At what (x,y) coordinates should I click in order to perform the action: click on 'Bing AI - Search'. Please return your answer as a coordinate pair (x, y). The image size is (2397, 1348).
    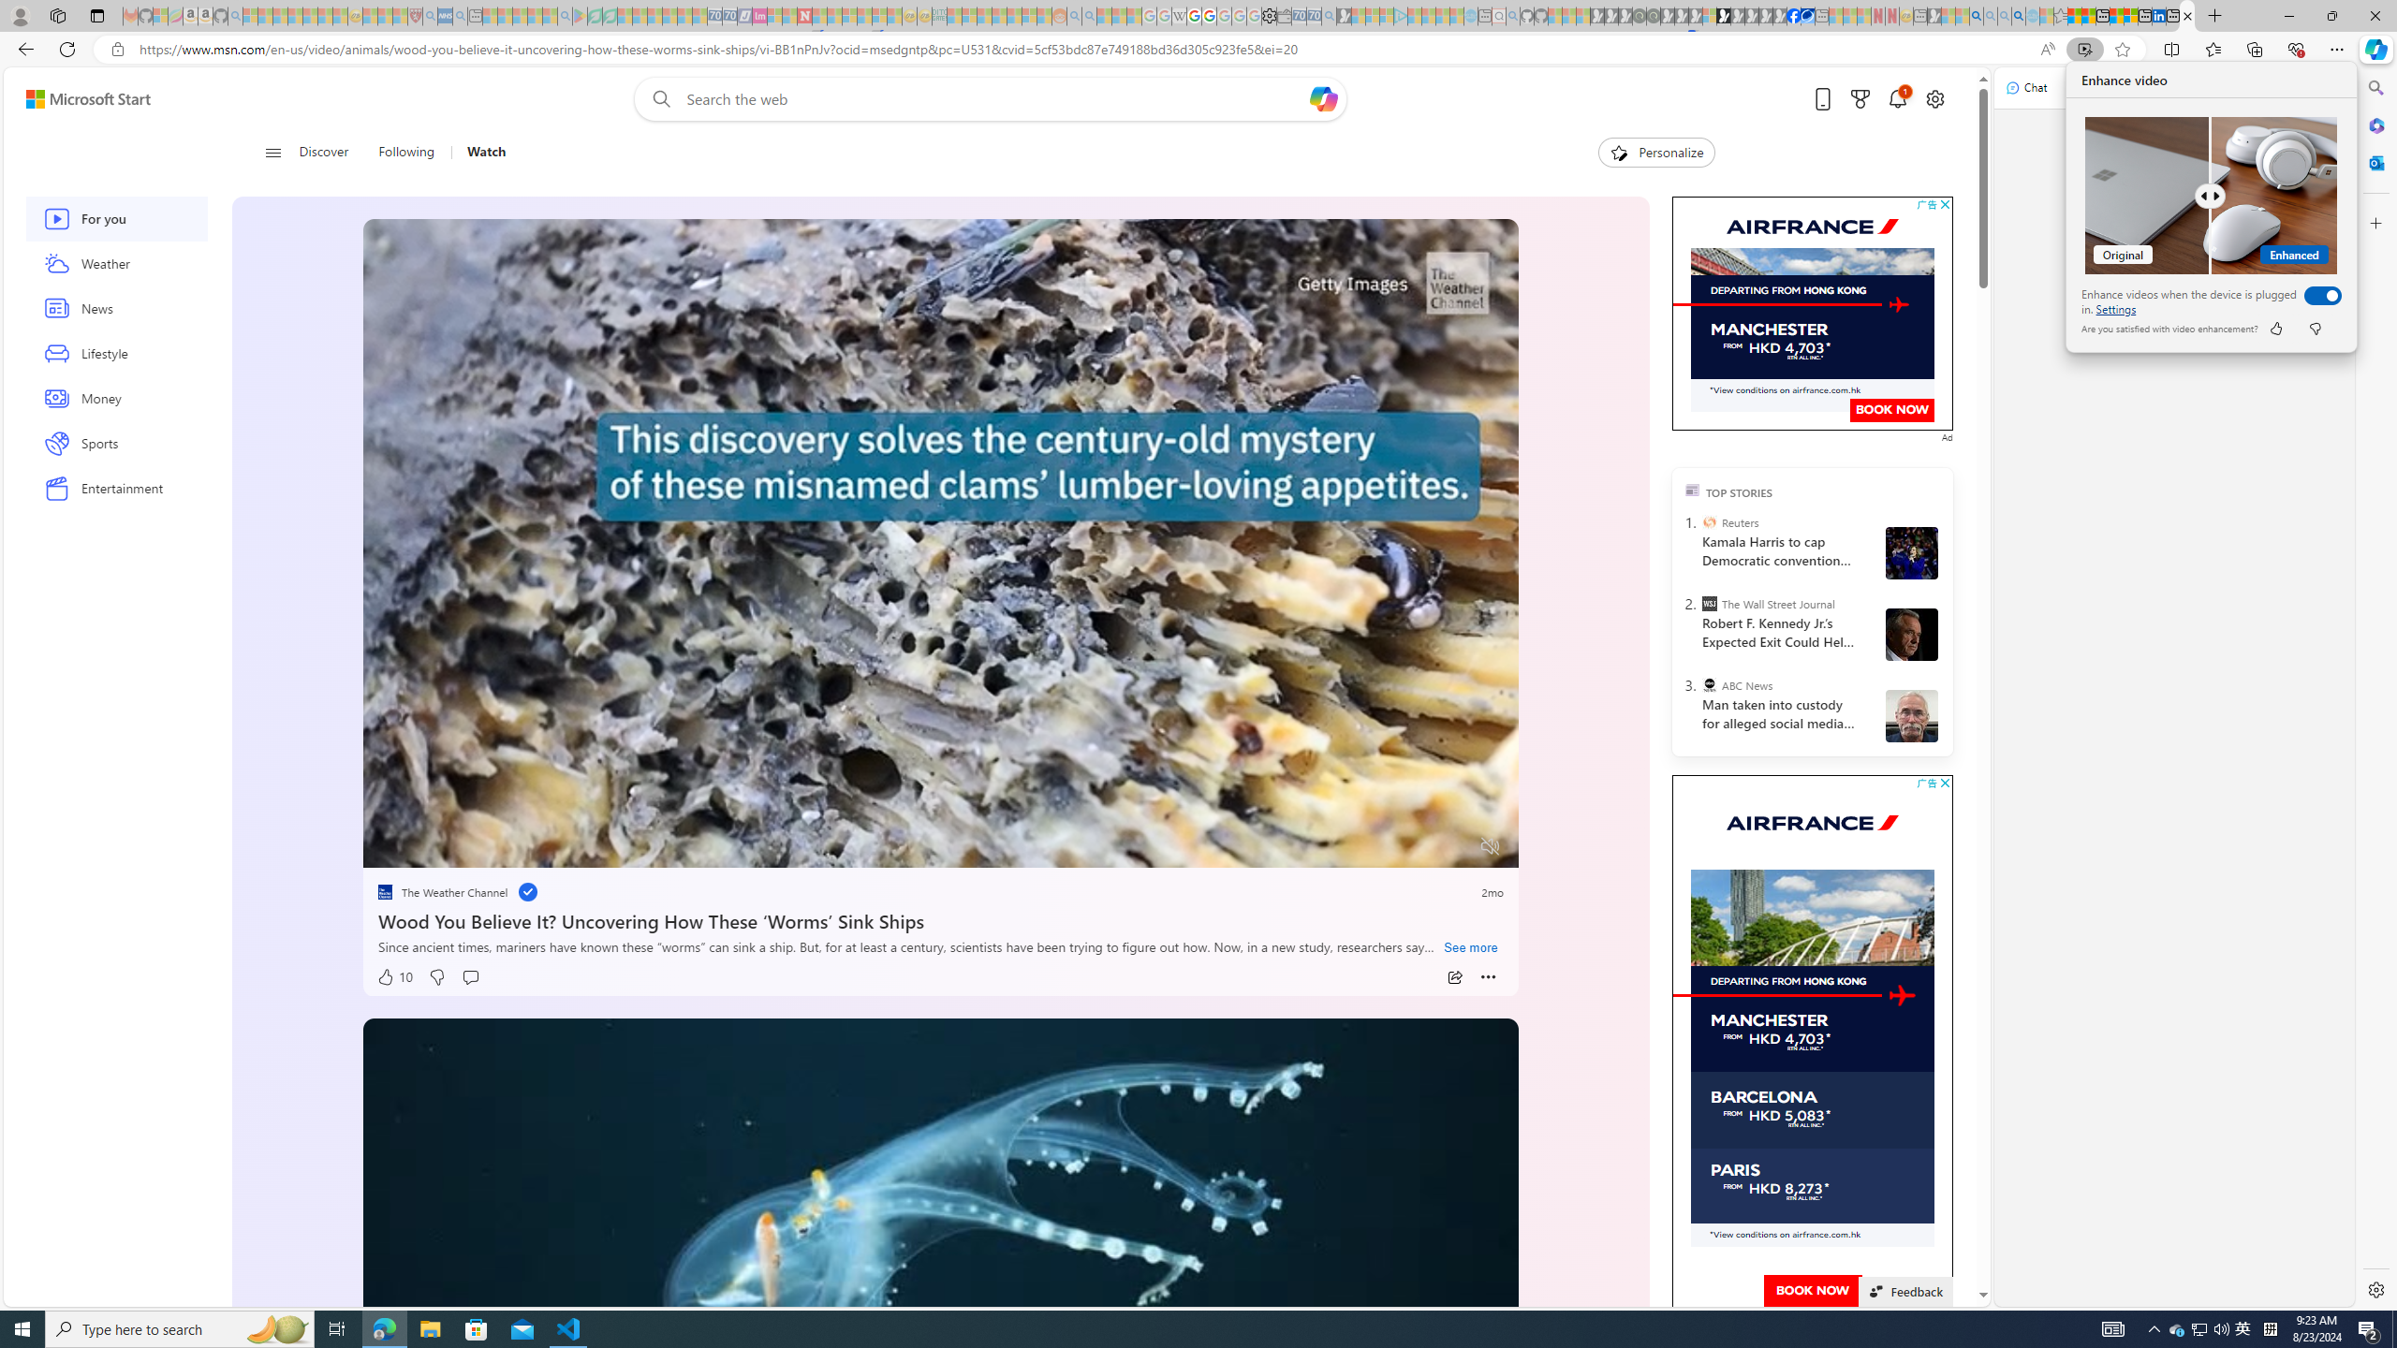
    Looking at the image, I should click on (1975, 15).